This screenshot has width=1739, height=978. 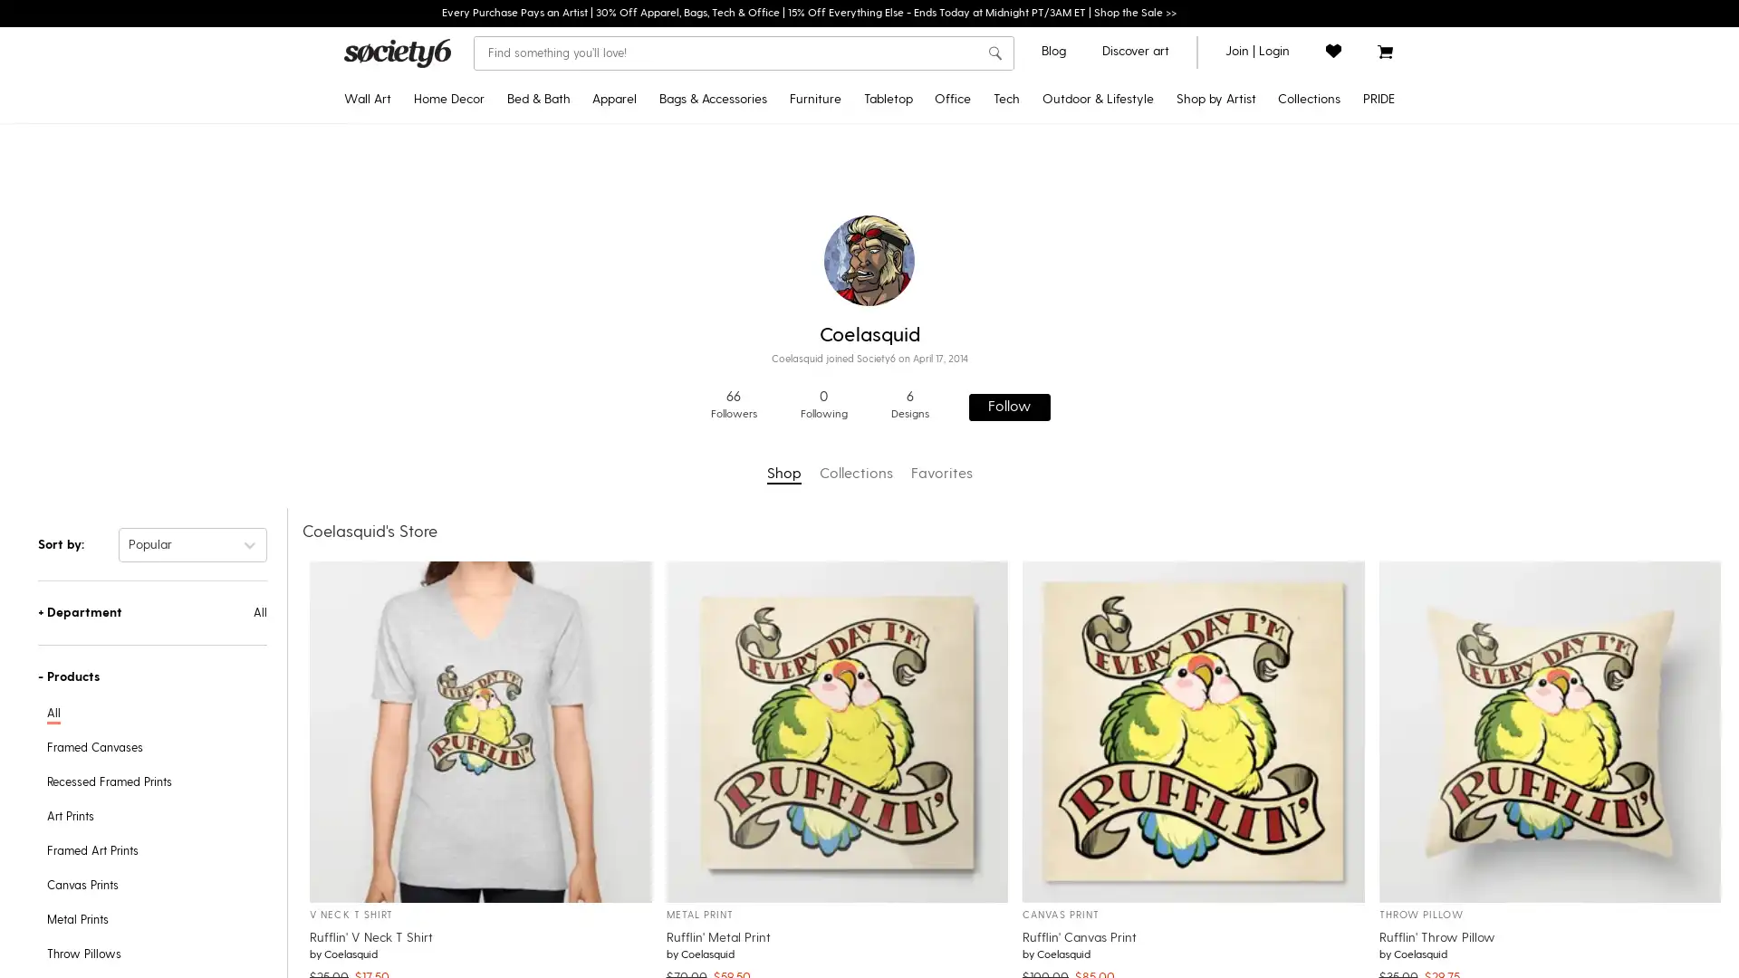 What do you see at coordinates (725, 145) in the screenshot?
I see `Tote Bags` at bounding box center [725, 145].